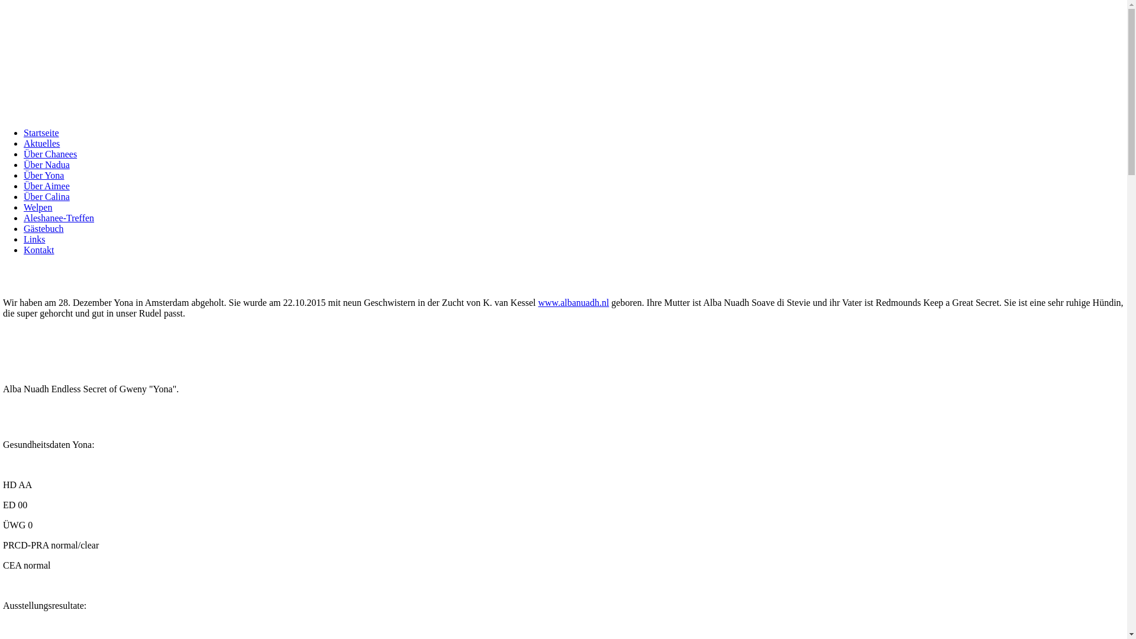 The image size is (1136, 639). Describe the element at coordinates (39, 249) in the screenshot. I see `'Kontakt'` at that location.